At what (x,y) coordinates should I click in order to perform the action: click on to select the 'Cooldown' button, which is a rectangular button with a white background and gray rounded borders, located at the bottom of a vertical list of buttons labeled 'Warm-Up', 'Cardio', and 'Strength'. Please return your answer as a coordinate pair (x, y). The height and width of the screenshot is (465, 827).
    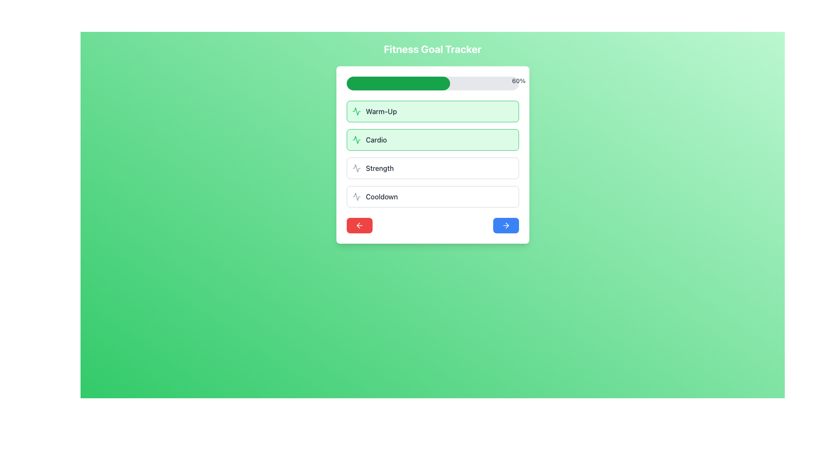
    Looking at the image, I should click on (432, 196).